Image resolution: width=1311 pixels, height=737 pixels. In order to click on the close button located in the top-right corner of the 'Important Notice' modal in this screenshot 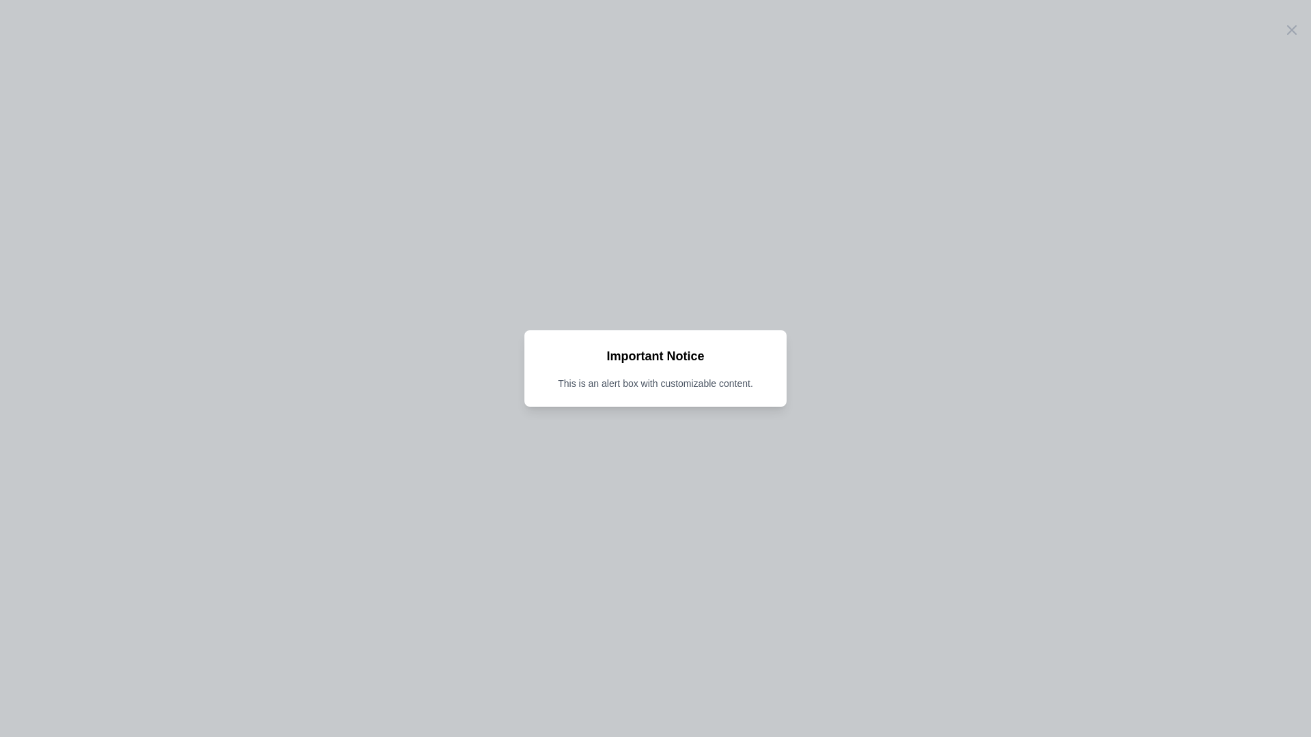, I will do `click(1291, 29)`.